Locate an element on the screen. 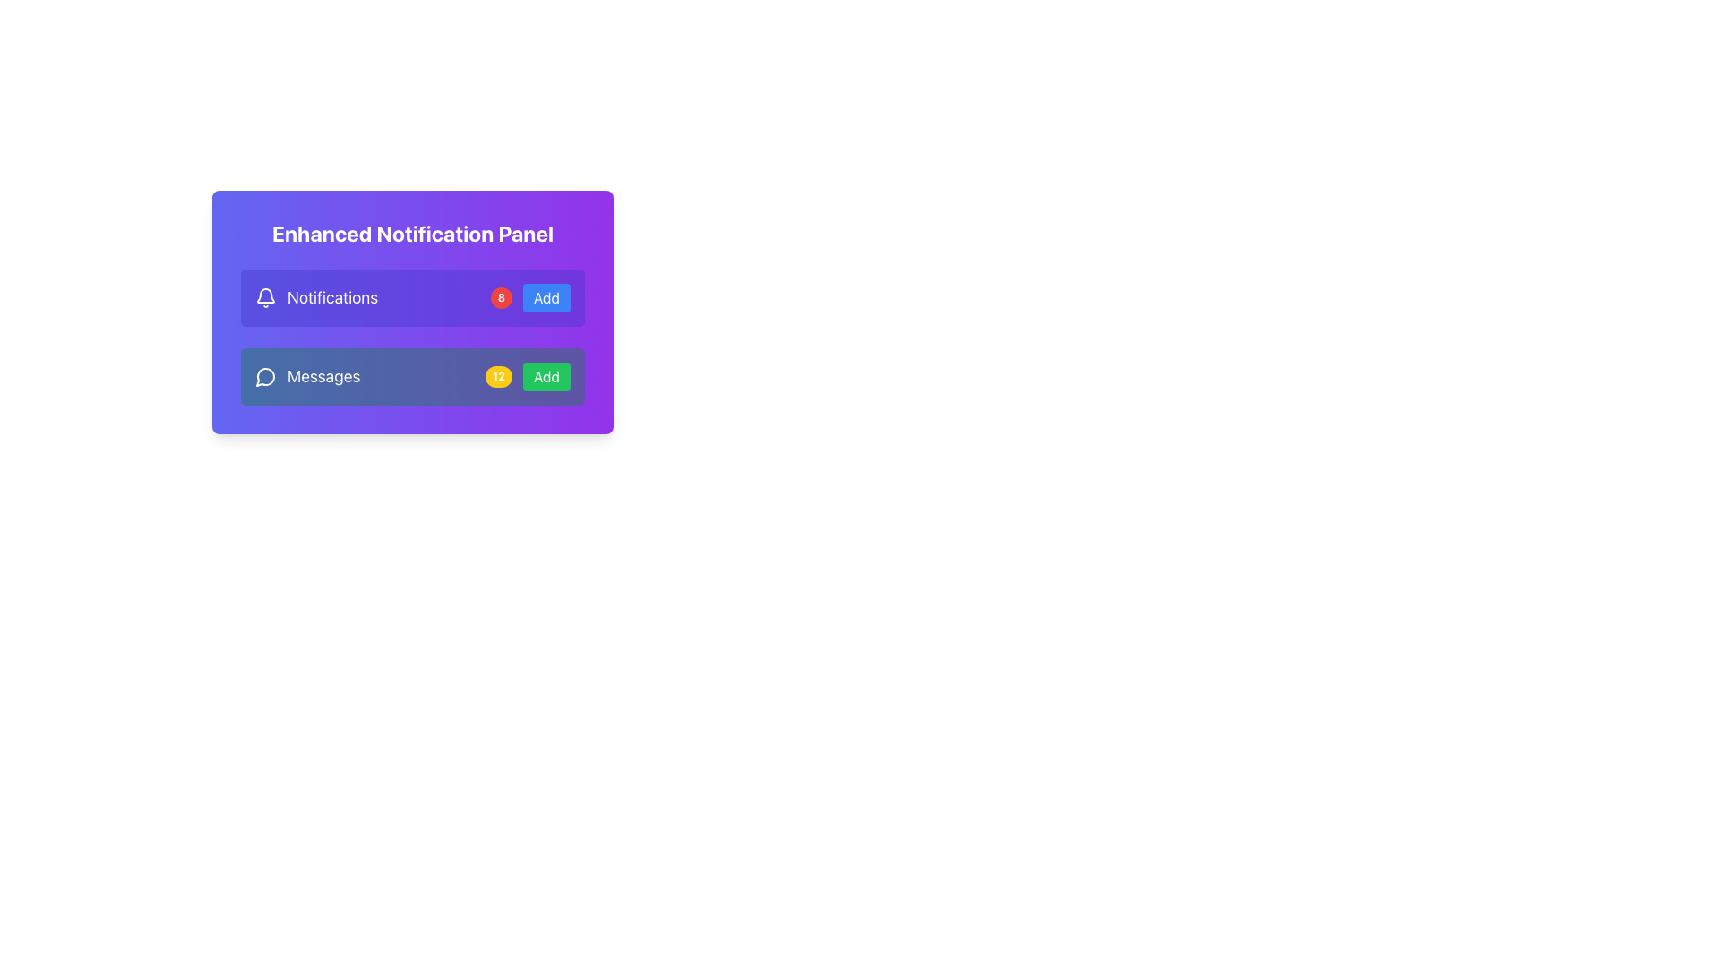 The width and height of the screenshot is (1720, 967). the 'Add' button with a blue background and white text located next to the 'Notifications' text in a purple panel is located at coordinates (546, 296).